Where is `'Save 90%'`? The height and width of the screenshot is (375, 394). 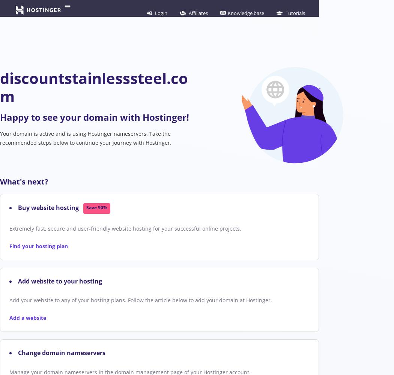
'Save 90%' is located at coordinates (96, 207).